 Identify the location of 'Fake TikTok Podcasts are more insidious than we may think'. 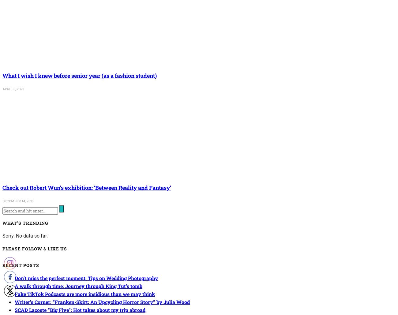
(14, 293).